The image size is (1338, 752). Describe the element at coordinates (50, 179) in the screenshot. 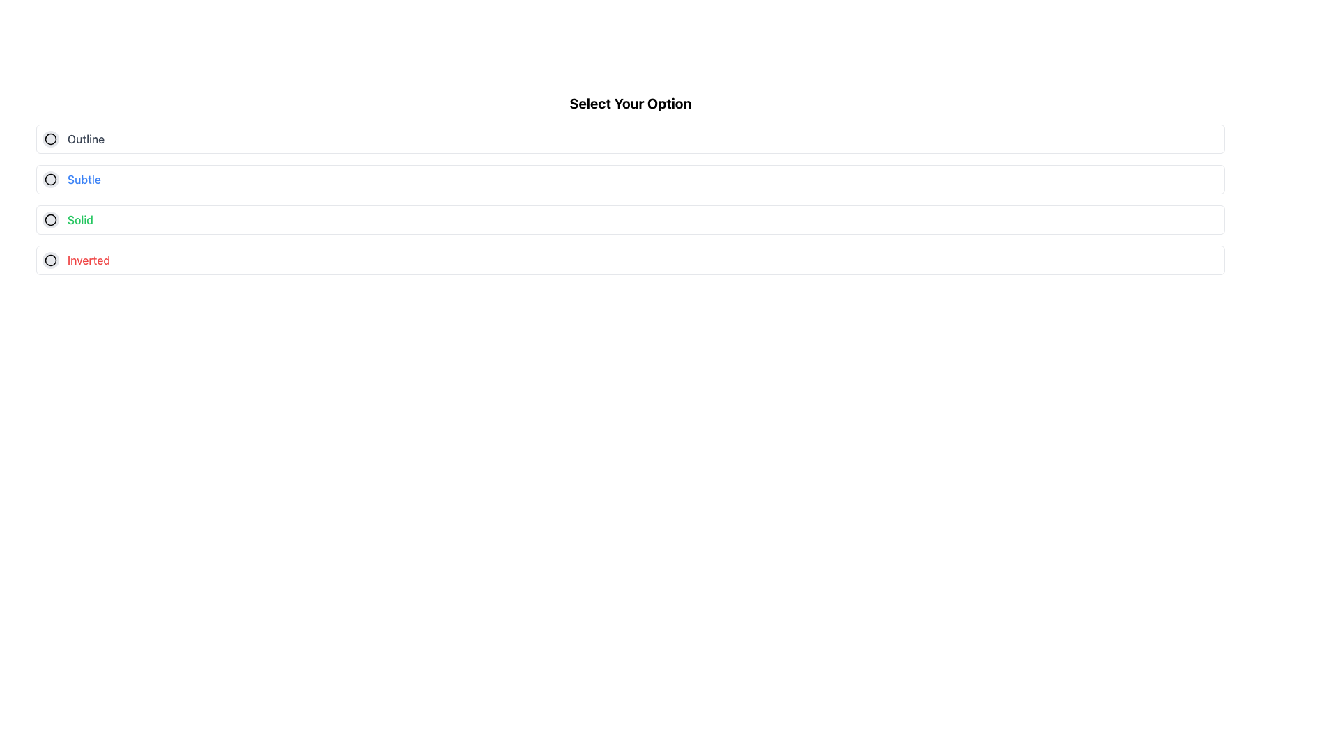

I see `the first radio button for the 'Subtle' option` at that location.